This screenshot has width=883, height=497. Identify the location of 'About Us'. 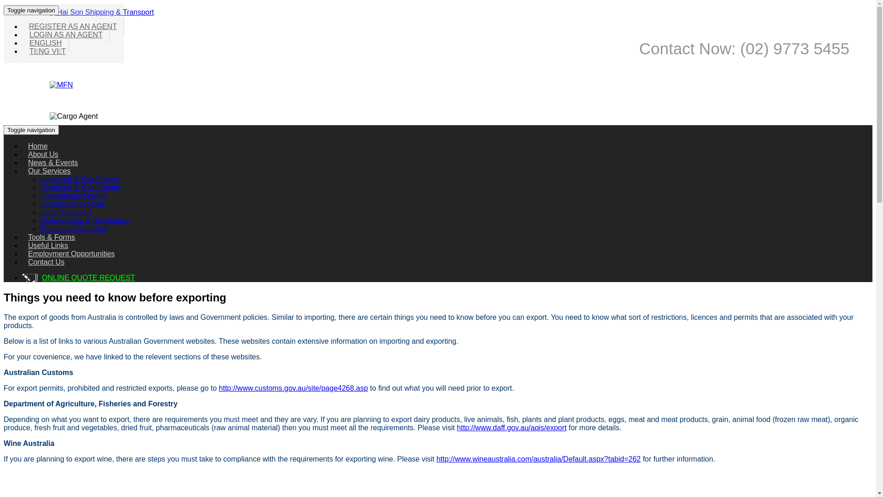
(43, 154).